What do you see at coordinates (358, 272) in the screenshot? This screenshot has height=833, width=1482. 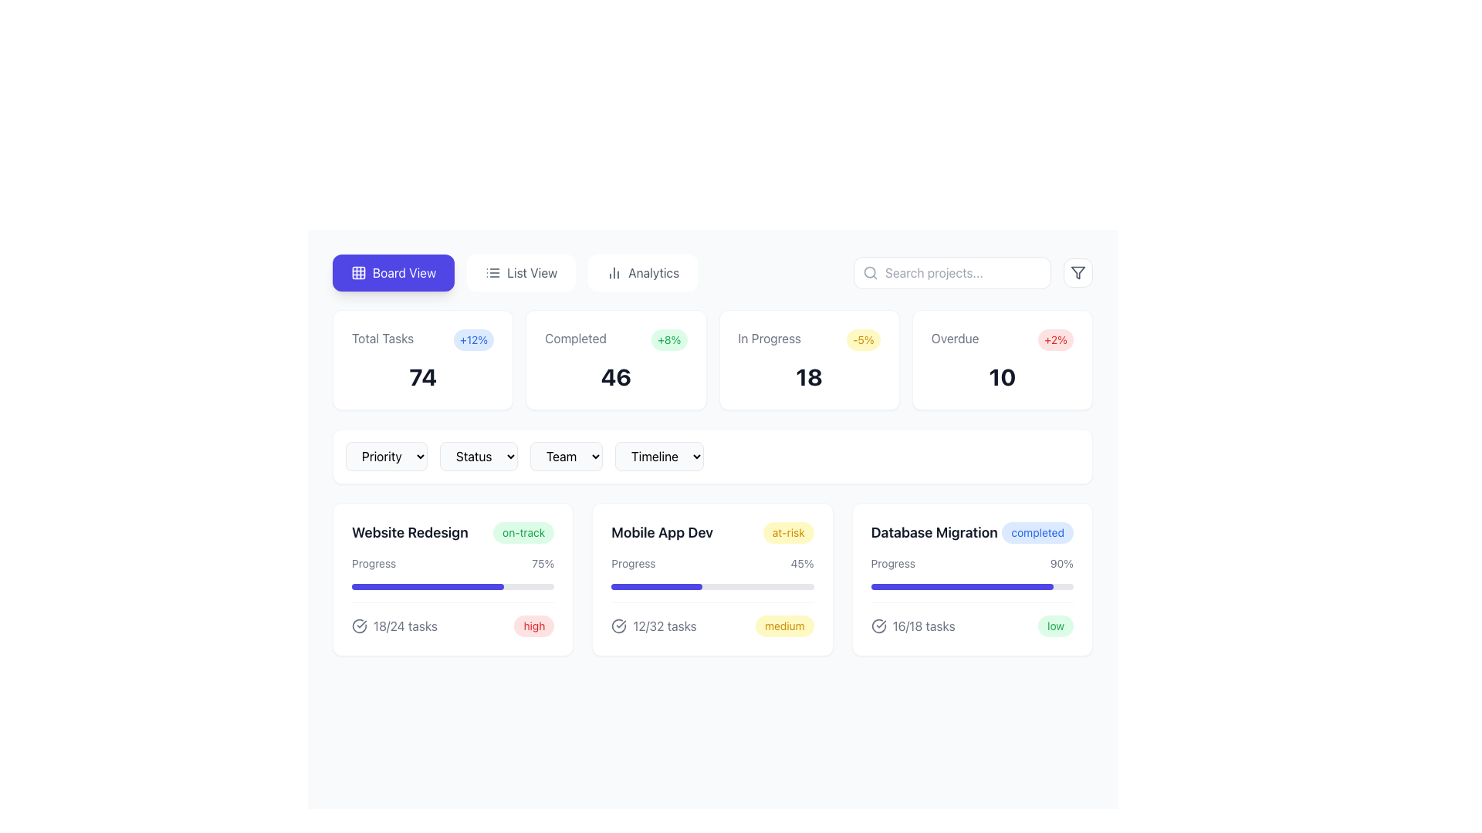 I see `the SVG grid icon, which is a 3x3 grid icon styled in white on a purple background, located within the 'Board View' button at the top-left corner of the interface` at bounding box center [358, 272].